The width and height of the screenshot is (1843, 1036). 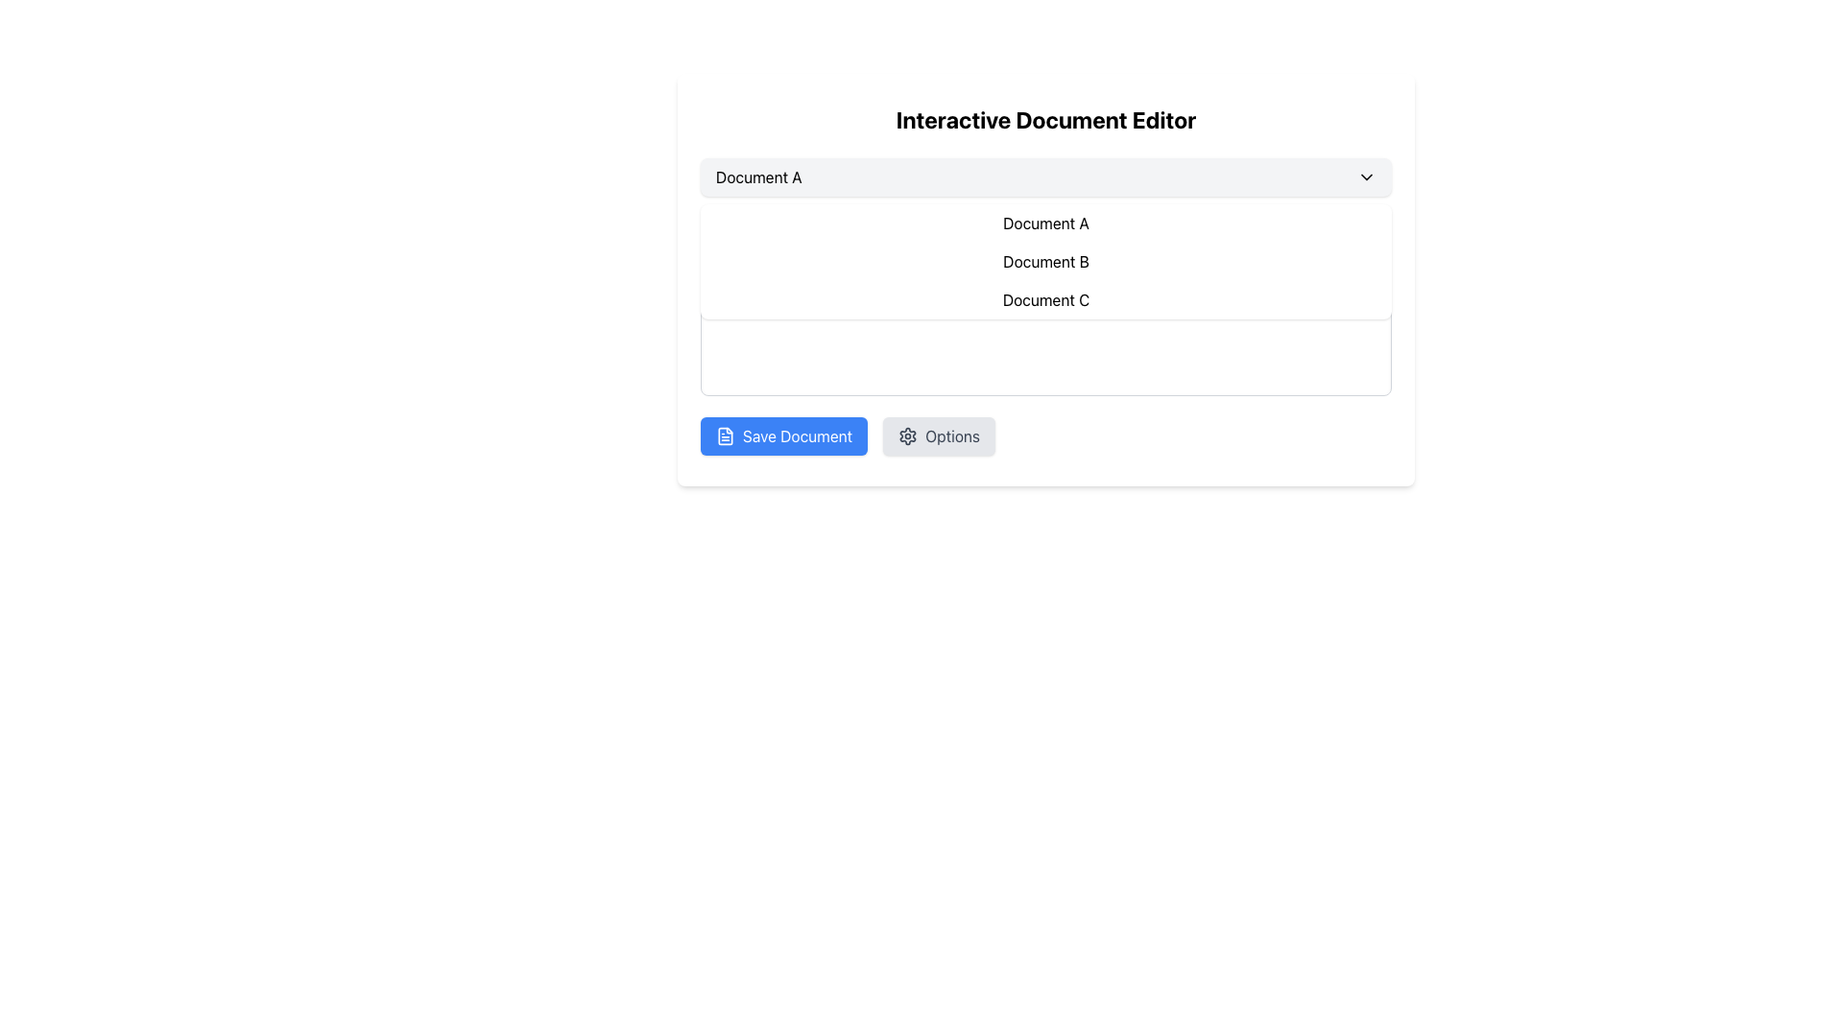 I want to click on the 'Options' button, which is a light gray button with rounded corners and a gear icon, located to the right of the 'Save Document' button, so click(x=939, y=436).